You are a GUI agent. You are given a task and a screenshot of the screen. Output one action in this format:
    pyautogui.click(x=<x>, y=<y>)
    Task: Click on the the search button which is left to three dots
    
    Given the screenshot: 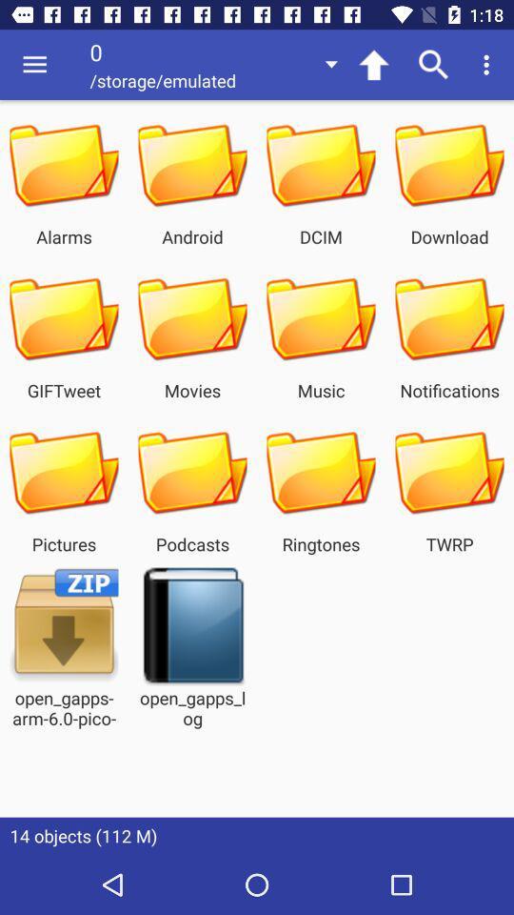 What is the action you would take?
    pyautogui.click(x=434, y=65)
    